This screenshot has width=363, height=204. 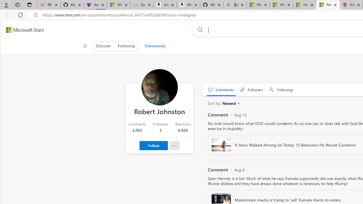 What do you see at coordinates (221, 89) in the screenshot?
I see `' Comments'` at bounding box center [221, 89].